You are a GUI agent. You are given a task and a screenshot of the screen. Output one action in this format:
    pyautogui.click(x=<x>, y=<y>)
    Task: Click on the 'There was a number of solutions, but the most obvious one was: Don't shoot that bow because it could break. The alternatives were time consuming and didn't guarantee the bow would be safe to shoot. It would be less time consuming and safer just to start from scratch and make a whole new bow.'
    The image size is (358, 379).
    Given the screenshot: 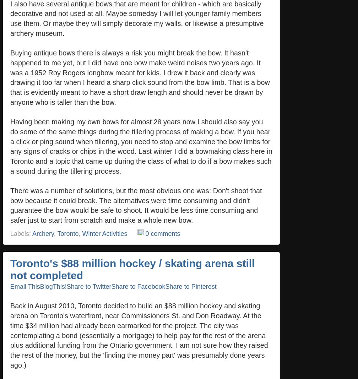 What is the action you would take?
    pyautogui.click(x=10, y=205)
    